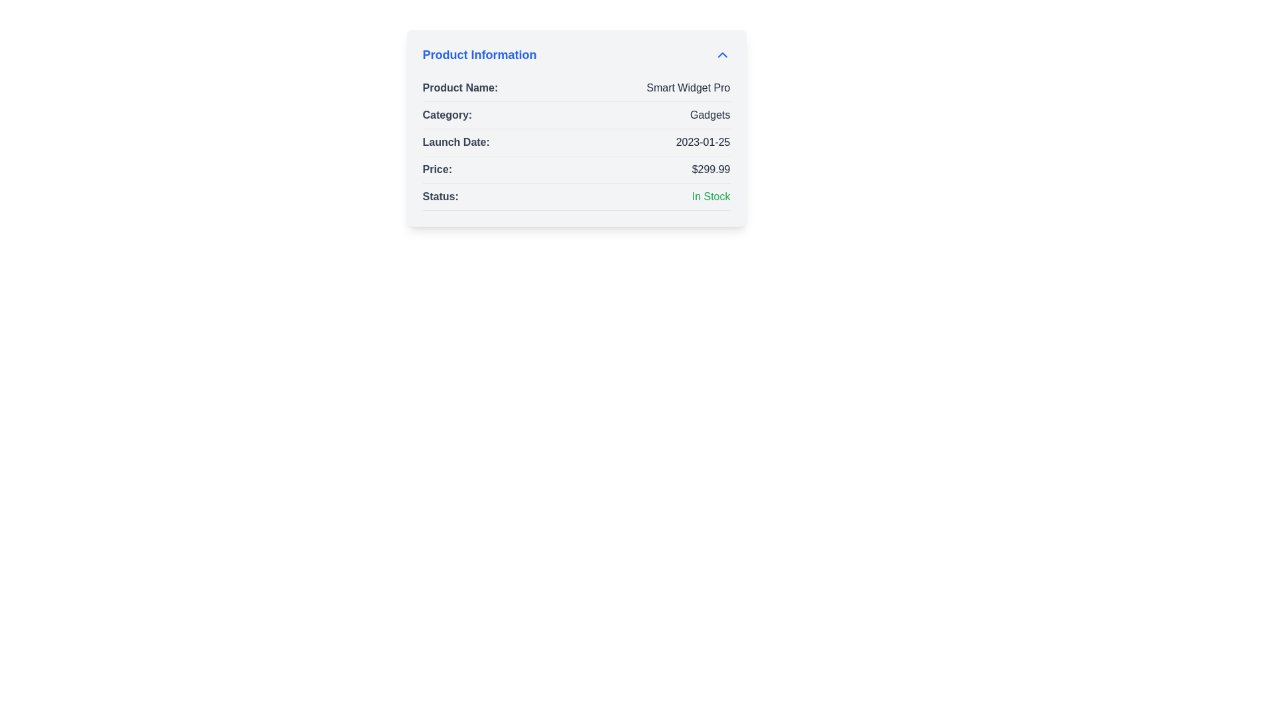  What do you see at coordinates (437, 168) in the screenshot?
I see `the 'Price:' text label, which is styled with a bold font and gray color, located in the product details panel, to the left of the monetary value '$299.99'` at bounding box center [437, 168].